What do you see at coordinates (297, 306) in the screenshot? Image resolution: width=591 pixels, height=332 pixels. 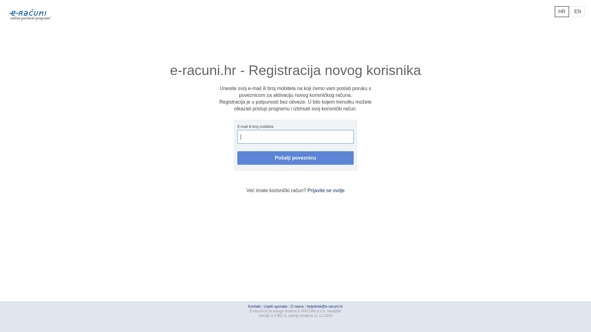 I see `'O nama'` at bounding box center [297, 306].